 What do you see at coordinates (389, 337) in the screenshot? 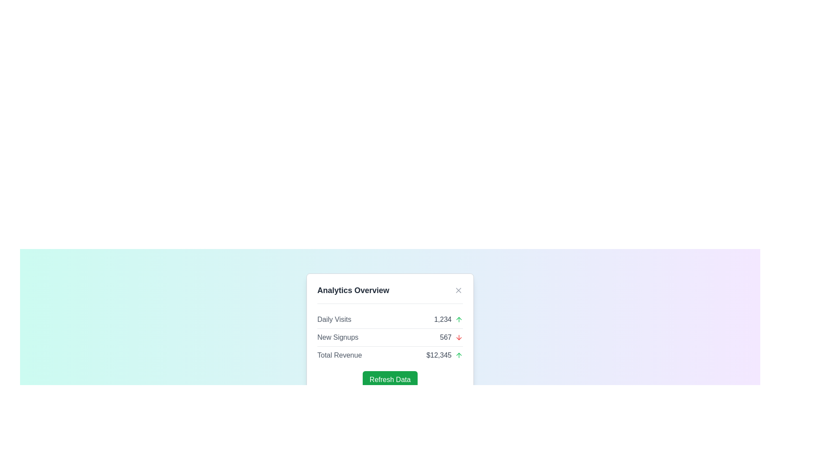
I see `the 'New Signups' DataRow, which displays the value '567' and a red downward arrow icon, located centrally in the card layout` at bounding box center [389, 337].